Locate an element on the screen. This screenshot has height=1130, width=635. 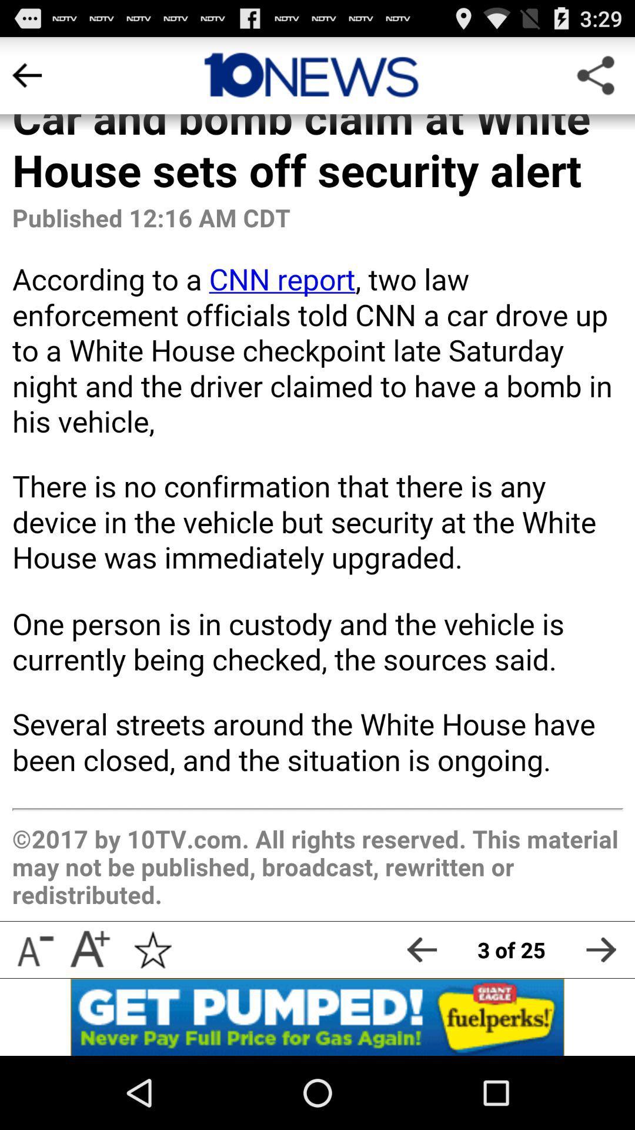
enlarge font size is located at coordinates (89, 949).